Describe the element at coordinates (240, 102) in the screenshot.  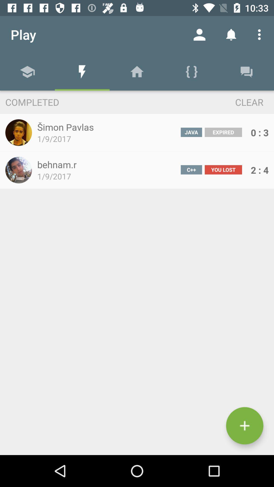
I see `the clear item` at that location.